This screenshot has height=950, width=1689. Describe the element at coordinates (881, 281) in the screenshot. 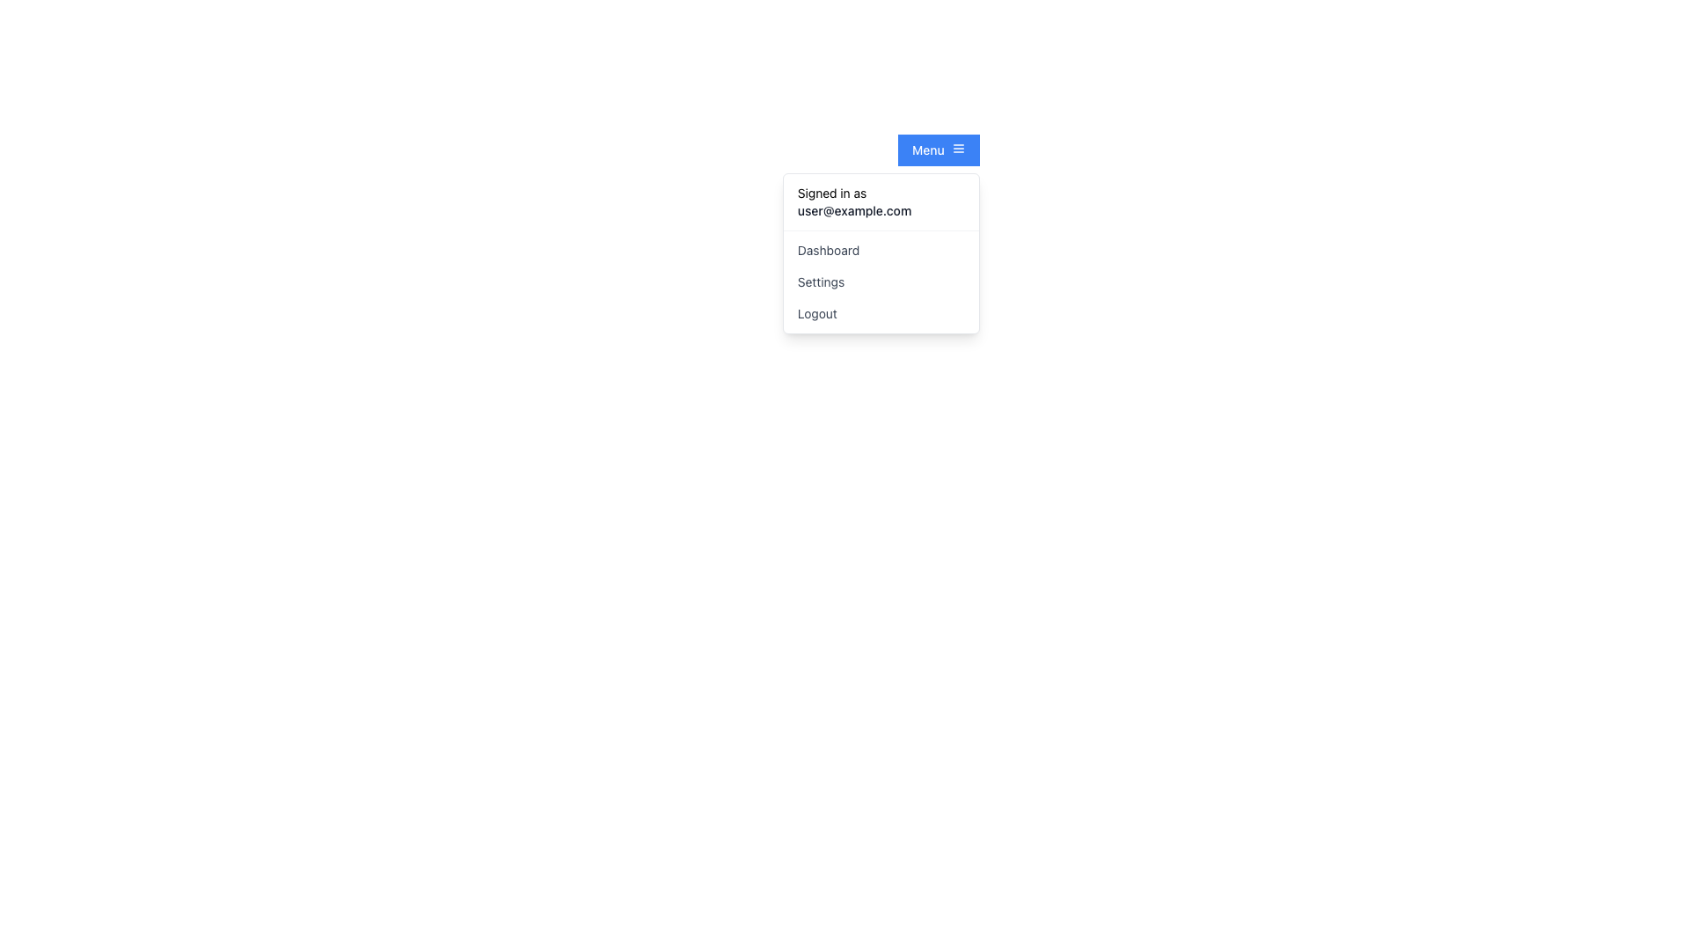

I see `the Settings button located in the middle of the dropdown menu to trigger the hover effect` at that location.